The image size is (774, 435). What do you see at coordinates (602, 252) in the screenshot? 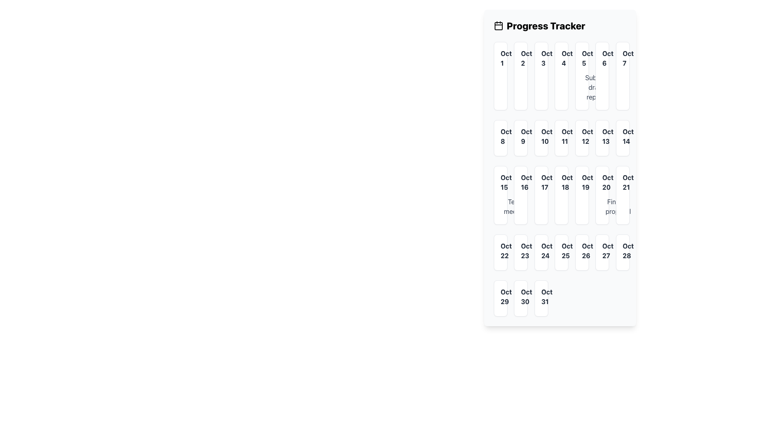
I see `the Single date card displaying 'Oct 27'` at bounding box center [602, 252].